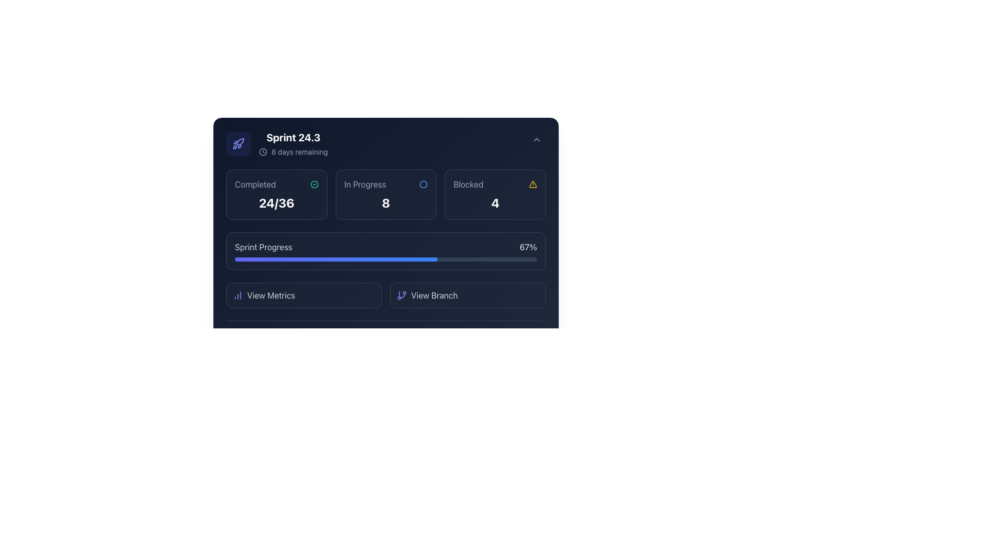 This screenshot has width=987, height=555. What do you see at coordinates (303, 295) in the screenshot?
I see `the clickable button located in the lower section of the interface, to the left of the 'View Branch' button` at bounding box center [303, 295].